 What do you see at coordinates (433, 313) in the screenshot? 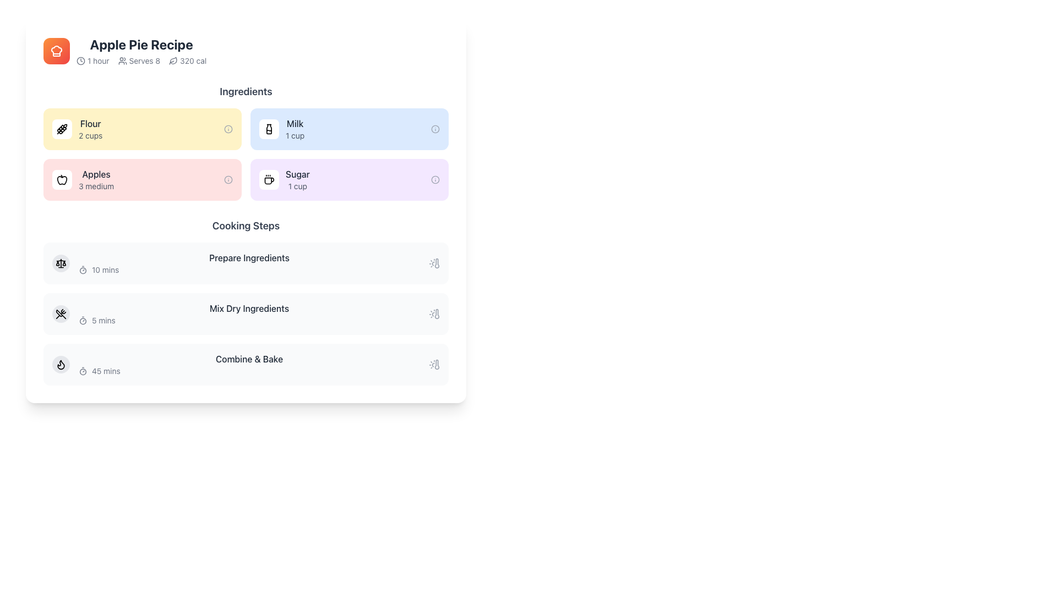
I see `the icon element that combines a sun and a thermometer, located to the far right under the 'Mix Dry Ingredients' step in the 'Cooking Steps' section` at bounding box center [433, 313].